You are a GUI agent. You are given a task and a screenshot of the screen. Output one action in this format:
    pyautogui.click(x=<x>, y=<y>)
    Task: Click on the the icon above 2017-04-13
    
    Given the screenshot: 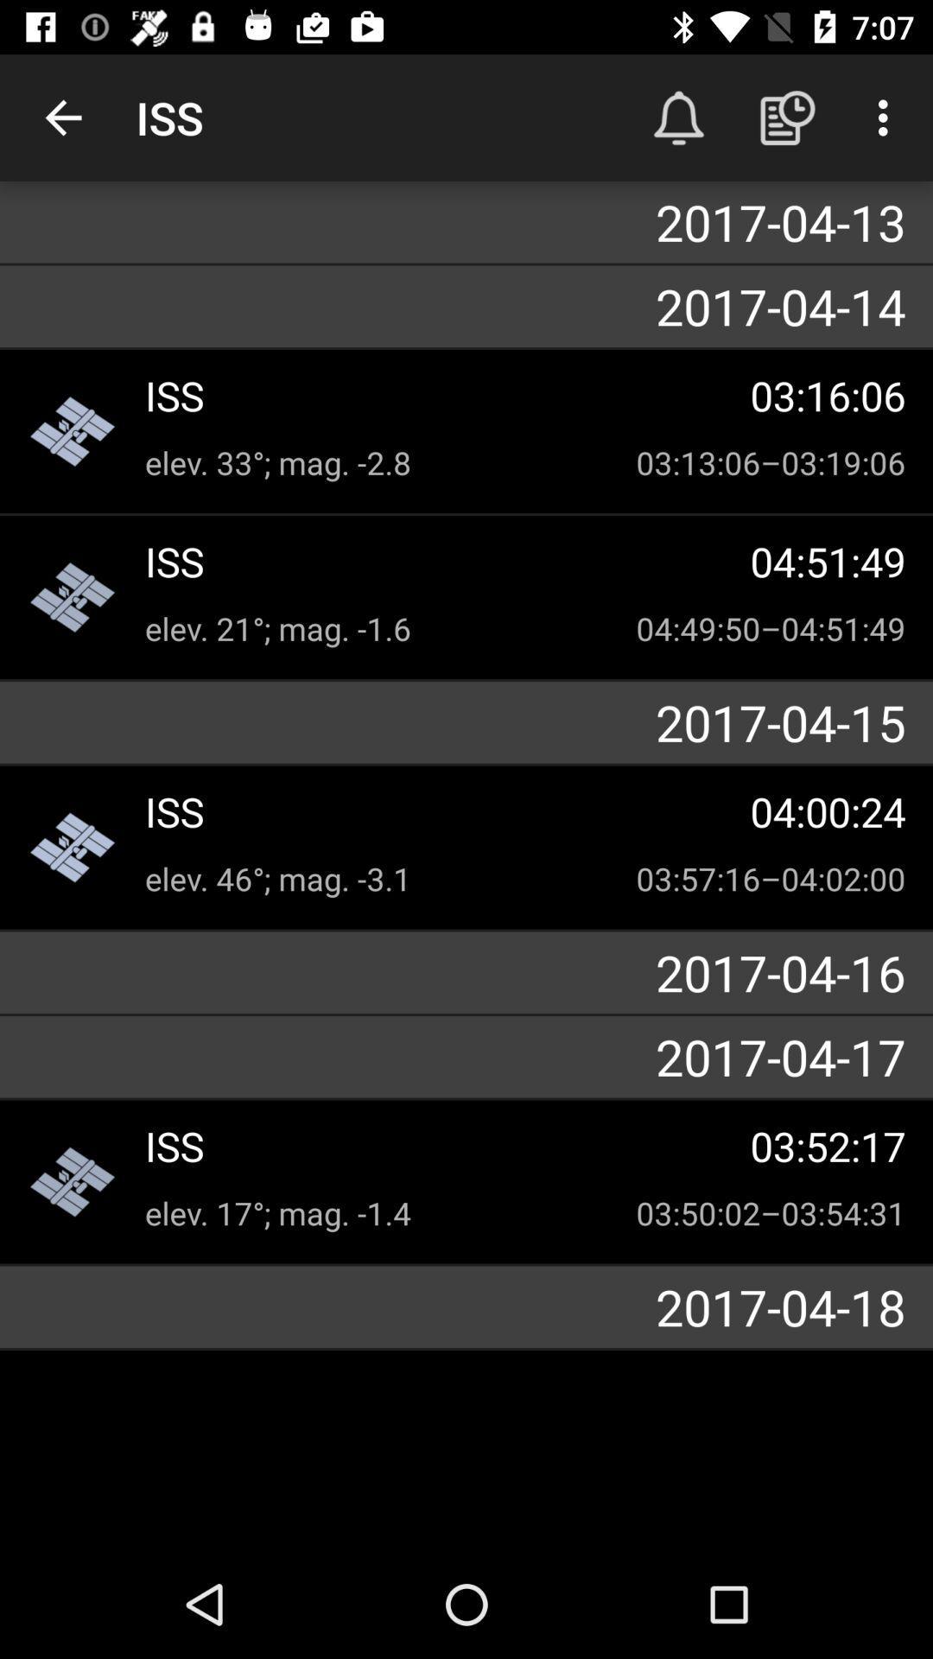 What is the action you would take?
    pyautogui.click(x=787, y=117)
    